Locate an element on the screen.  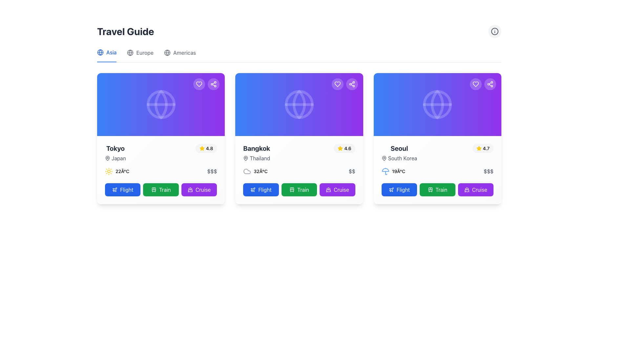
the stylized airplane icon within the Tokyo card, positioned to the left of the 'Flight' button is located at coordinates (115, 189).